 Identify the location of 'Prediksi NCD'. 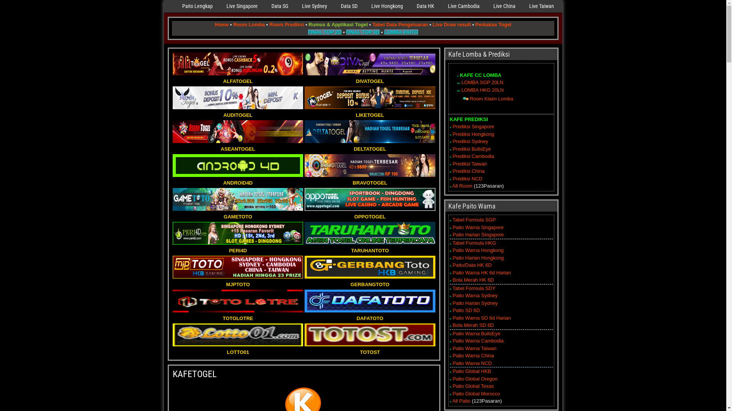
(452, 178).